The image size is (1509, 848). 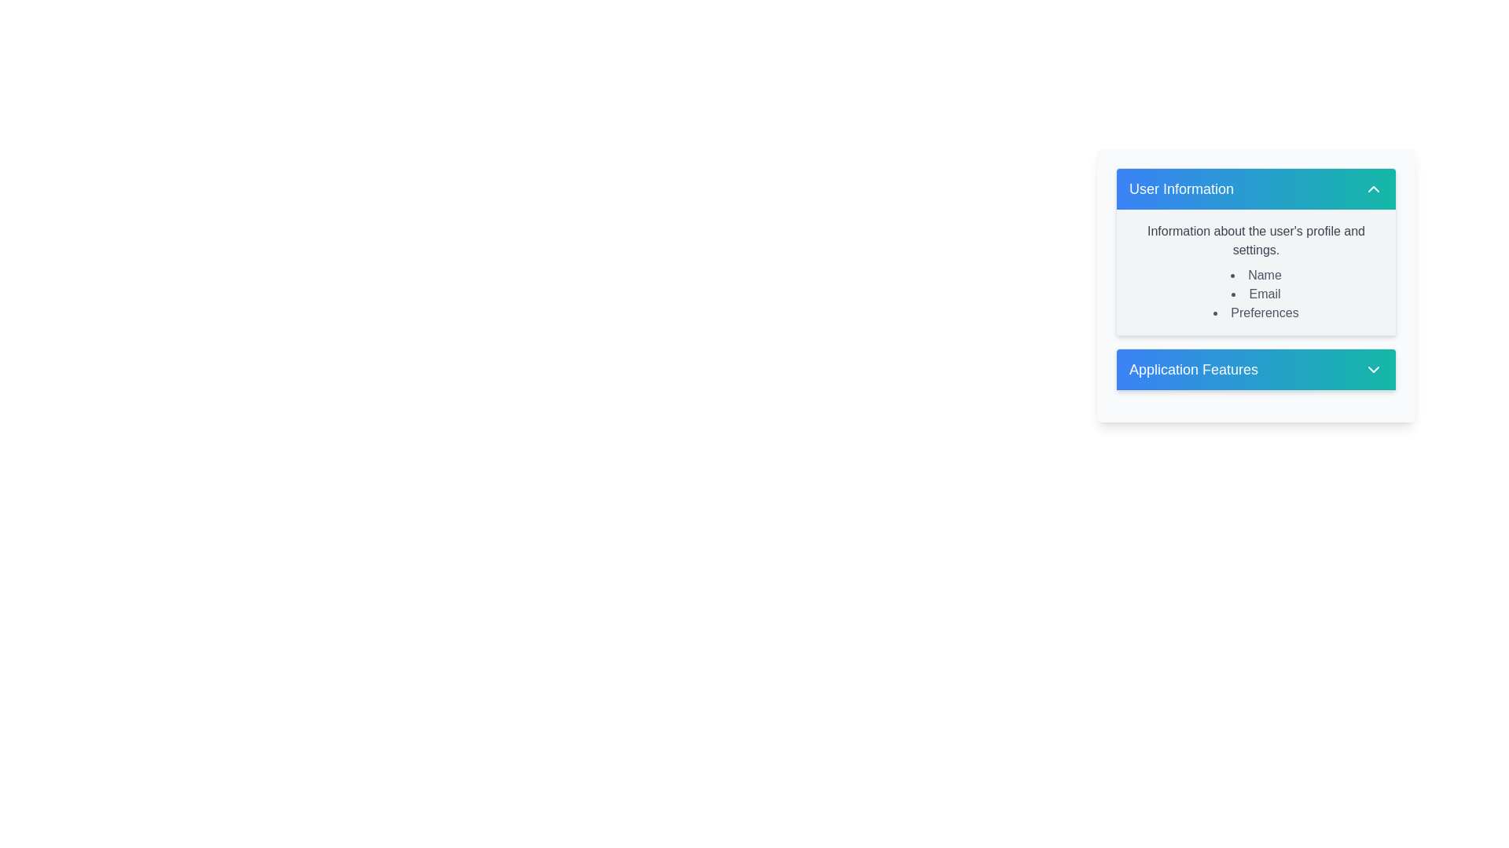 I want to click on the 'Email' text label, which is the second item in the 'User Information' section of a bulleted list, so click(x=1255, y=294).